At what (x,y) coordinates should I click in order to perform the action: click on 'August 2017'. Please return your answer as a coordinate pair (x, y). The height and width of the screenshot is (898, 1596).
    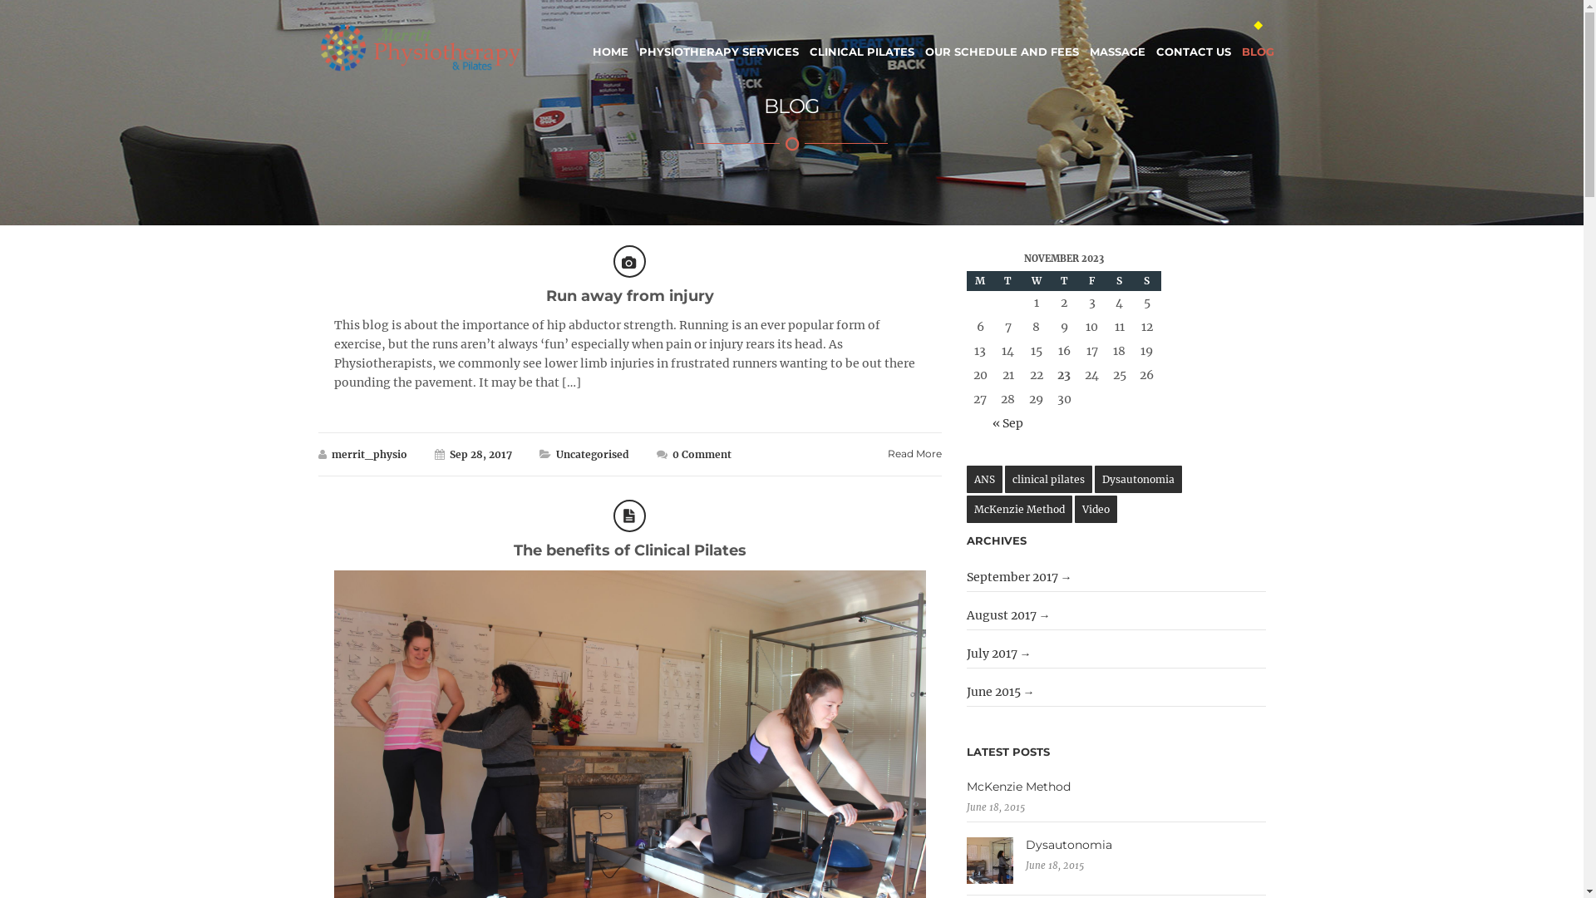
    Looking at the image, I should click on (1007, 615).